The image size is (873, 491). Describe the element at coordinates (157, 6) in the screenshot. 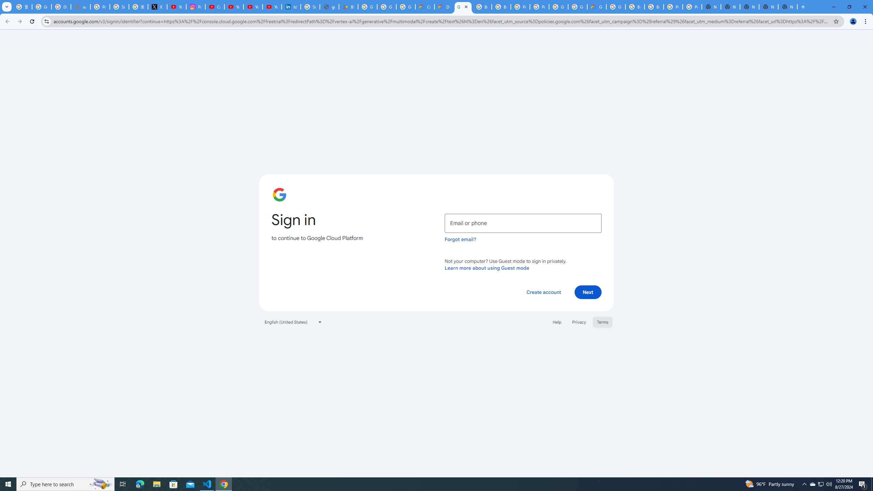

I see `'X'` at that location.